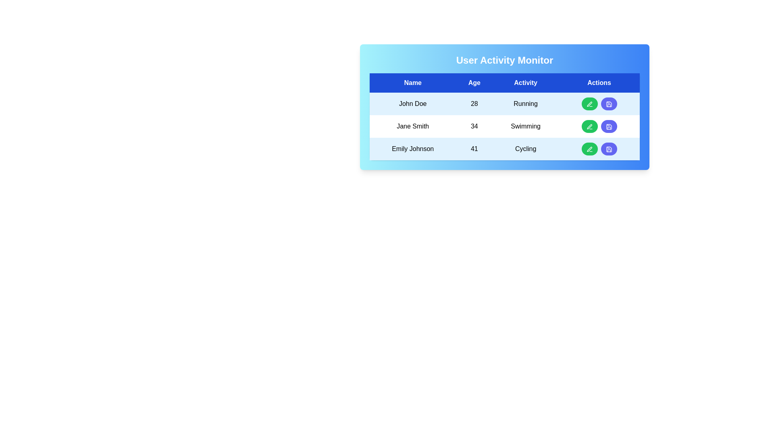  Describe the element at coordinates (589, 126) in the screenshot. I see `the edit button for the Jane Smith row` at that location.